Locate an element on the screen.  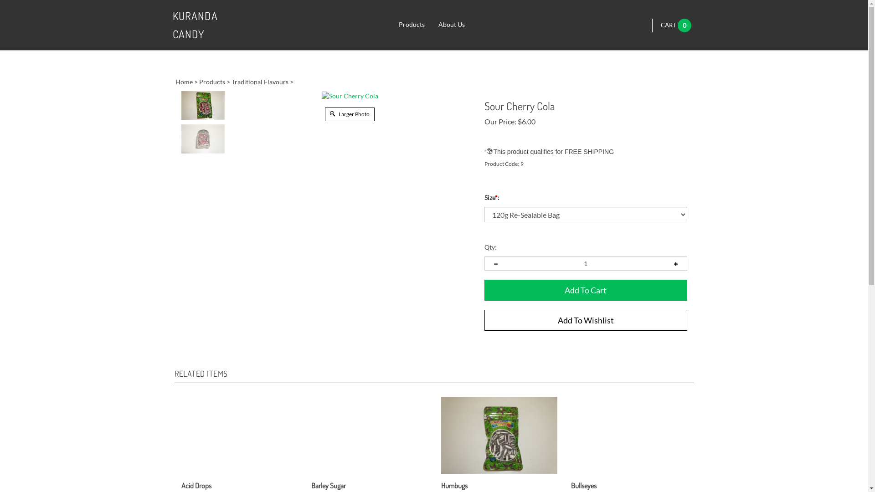
'Home' is located at coordinates (183, 81).